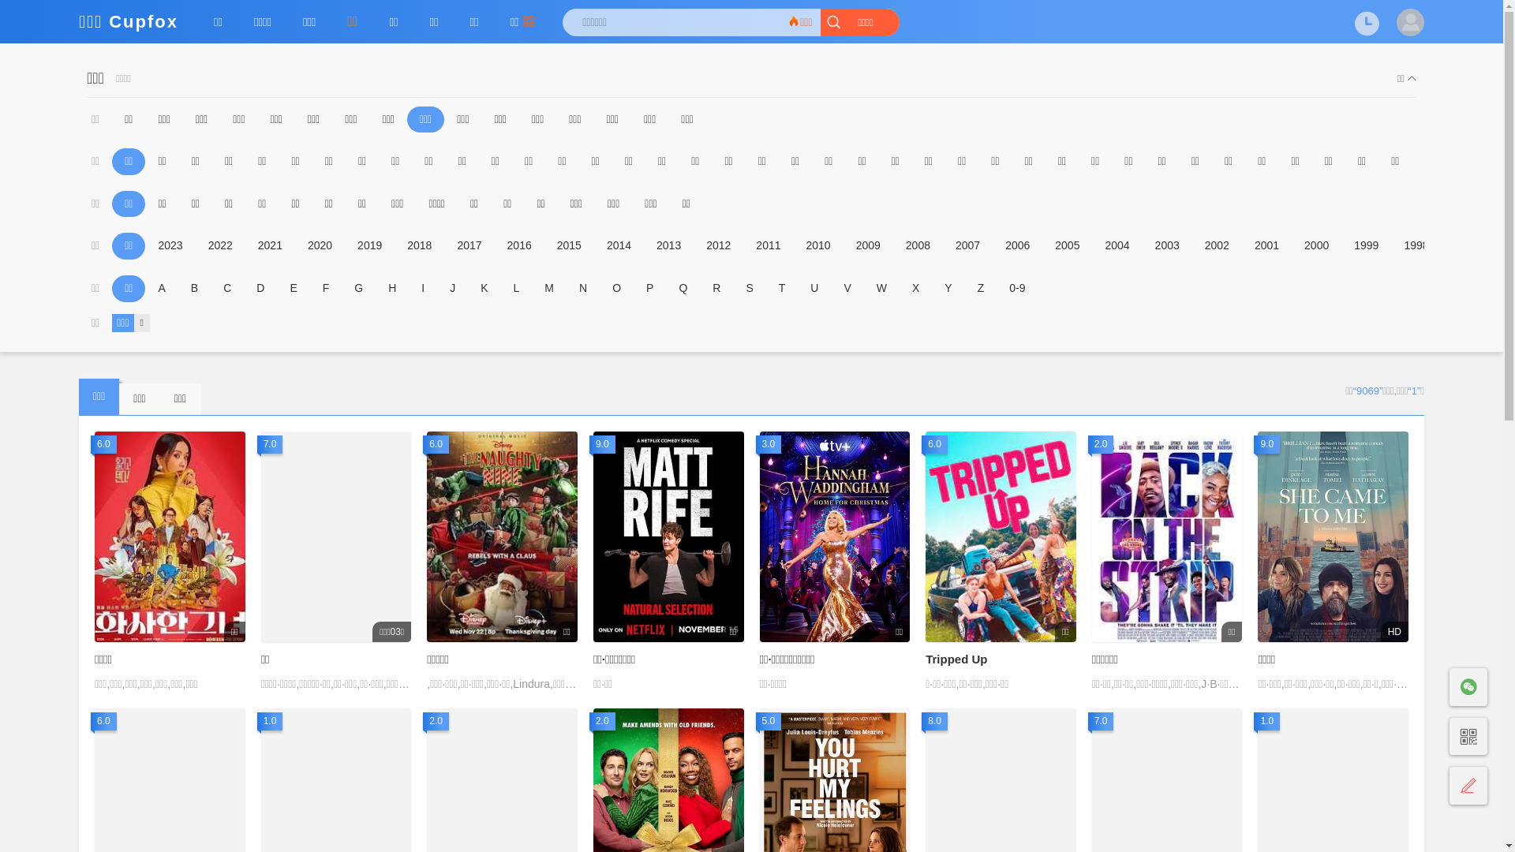  I want to click on 'K', so click(483, 289).